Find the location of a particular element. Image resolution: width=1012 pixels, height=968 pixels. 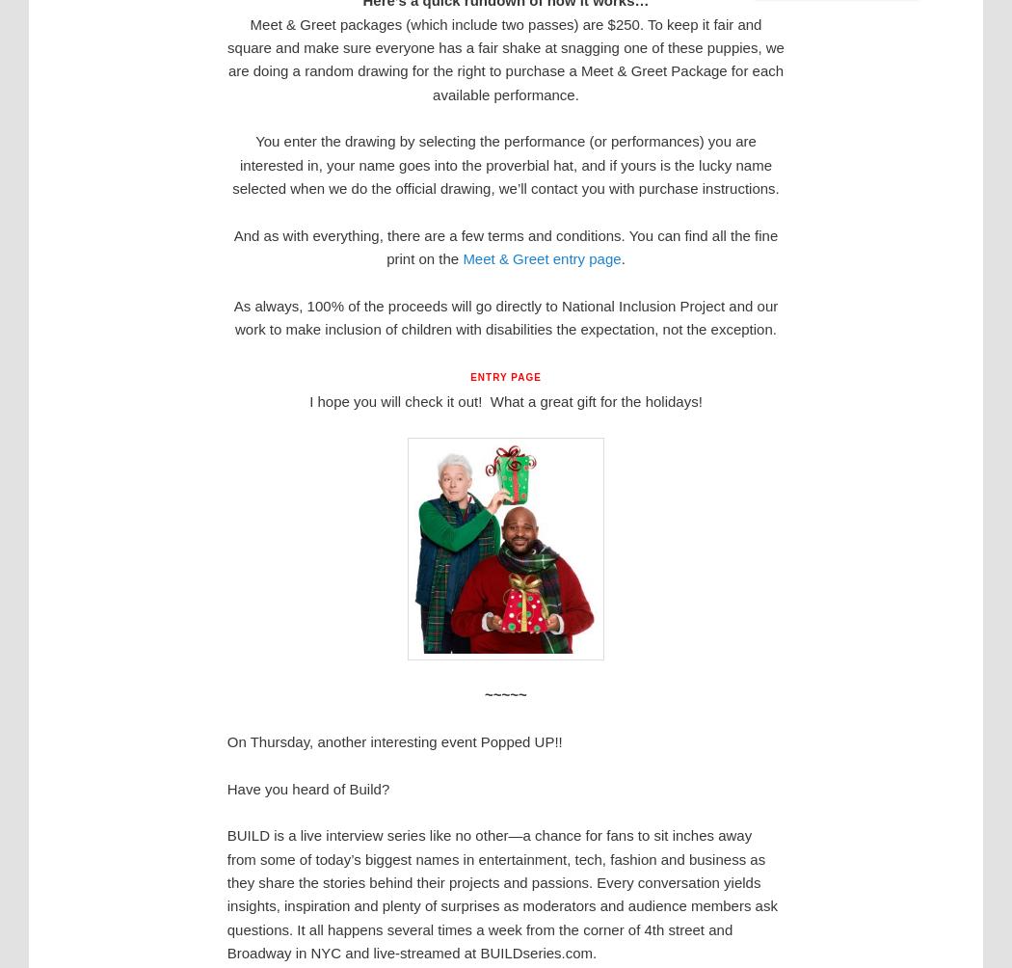

'Meet & Greet packages (which include two passes) are $250. To keep it fair and square and make sure everyone has a fair shake at snagging one of these puppies, we are doing a random drawing for the right to purchase a Meet & Greet Package for each available performance.' is located at coordinates (227, 59).